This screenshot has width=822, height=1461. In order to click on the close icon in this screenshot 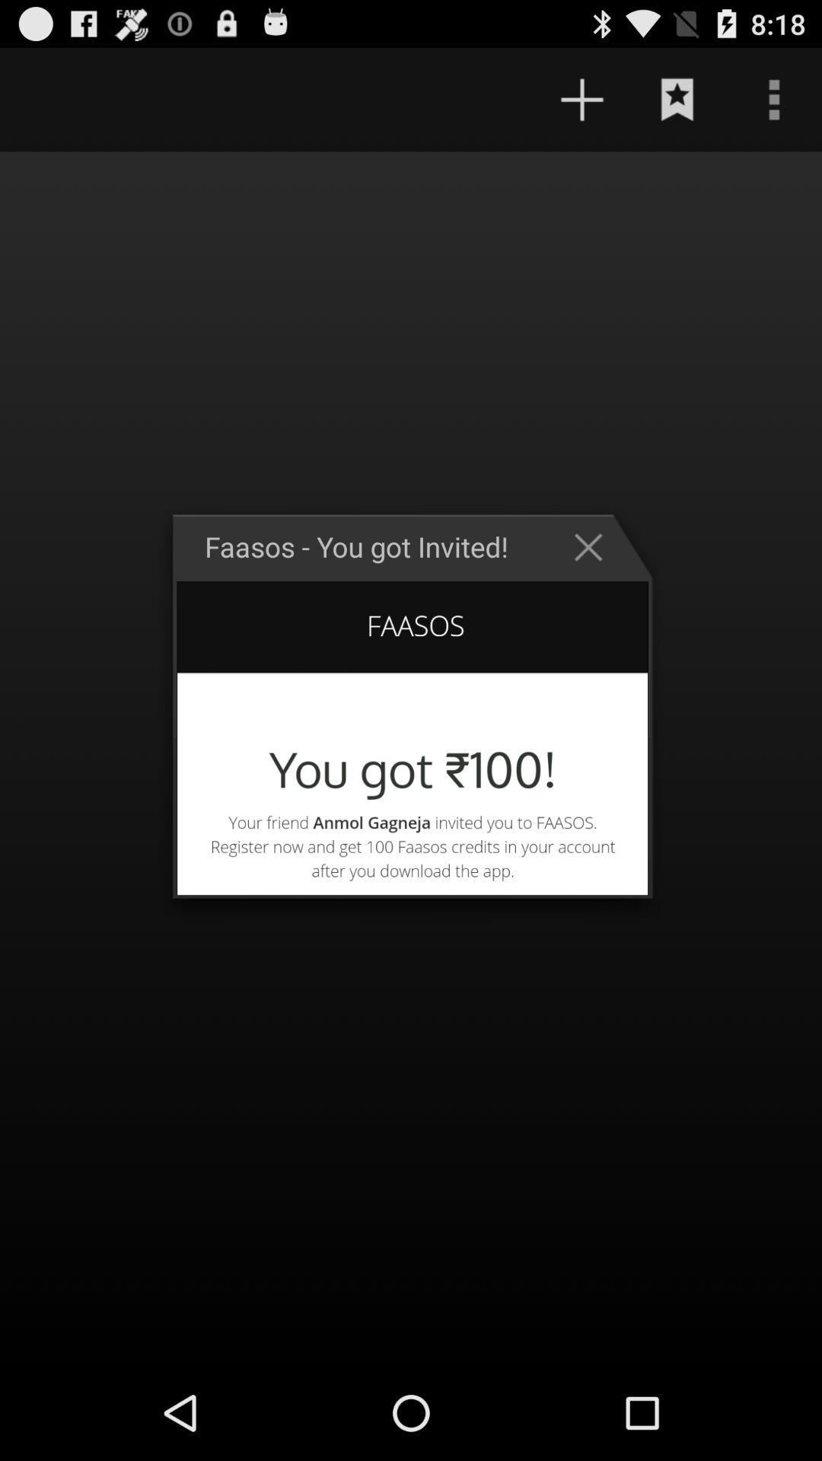, I will do `click(595, 584)`.